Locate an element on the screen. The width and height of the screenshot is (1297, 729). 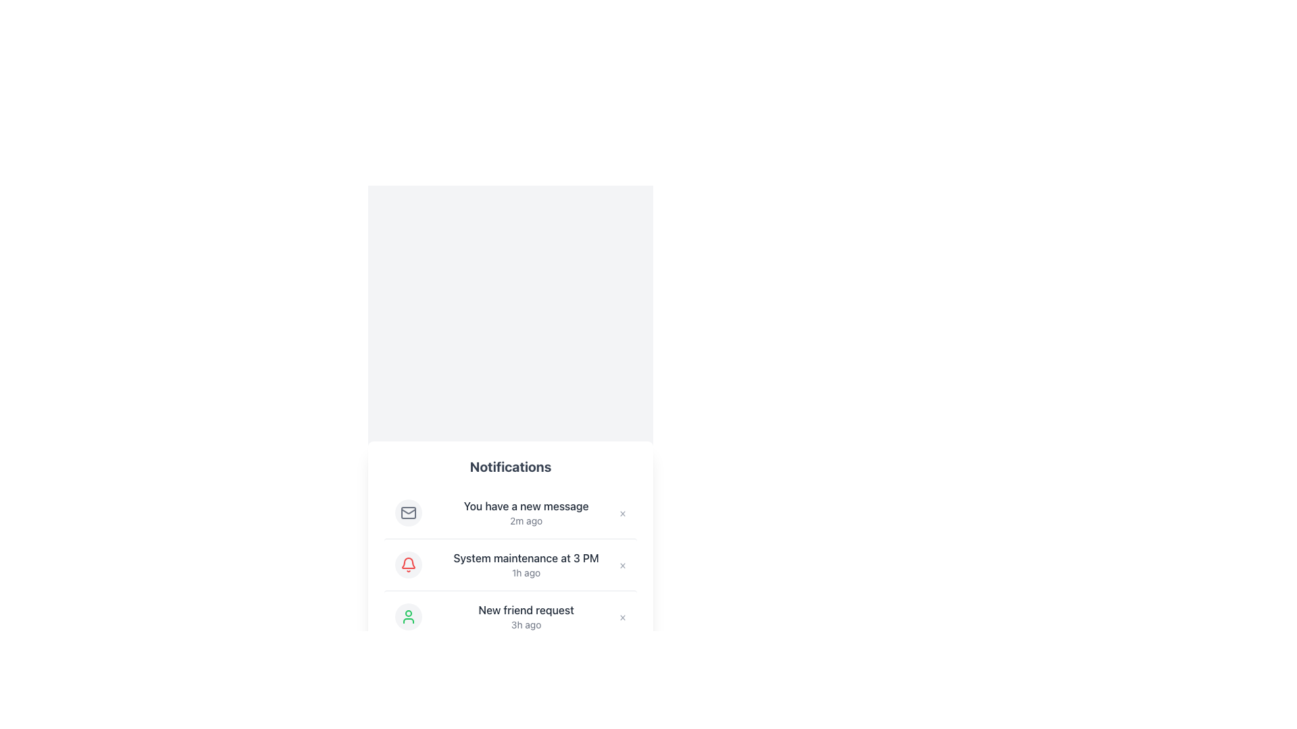
the third notification item displaying 'New friend request' and the time '3h ago', located at the bottom of the notification list is located at coordinates (509, 616).